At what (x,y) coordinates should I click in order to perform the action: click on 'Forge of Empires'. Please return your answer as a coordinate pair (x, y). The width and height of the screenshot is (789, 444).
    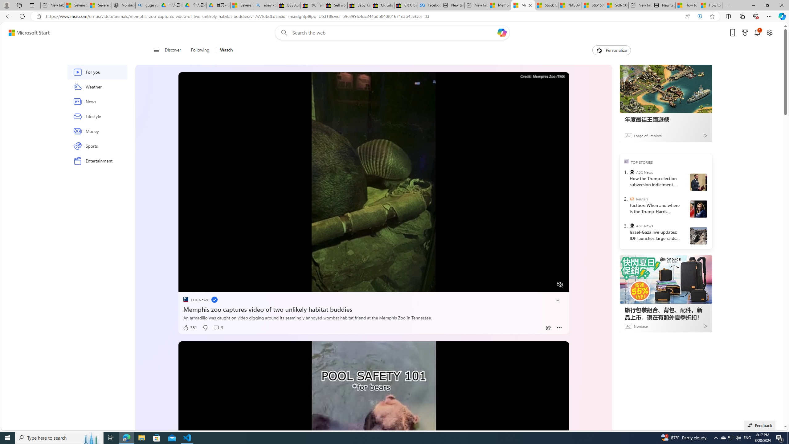
    Looking at the image, I should click on (647, 135).